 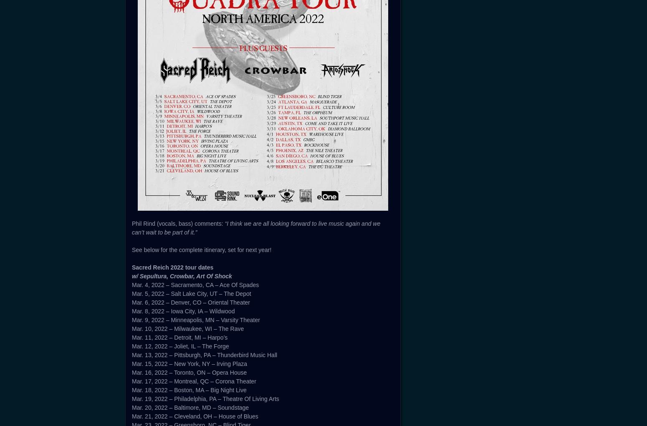 I want to click on 'Mar. 20, 2022 – Baltimore, MD – Soundstage', so click(x=190, y=407).